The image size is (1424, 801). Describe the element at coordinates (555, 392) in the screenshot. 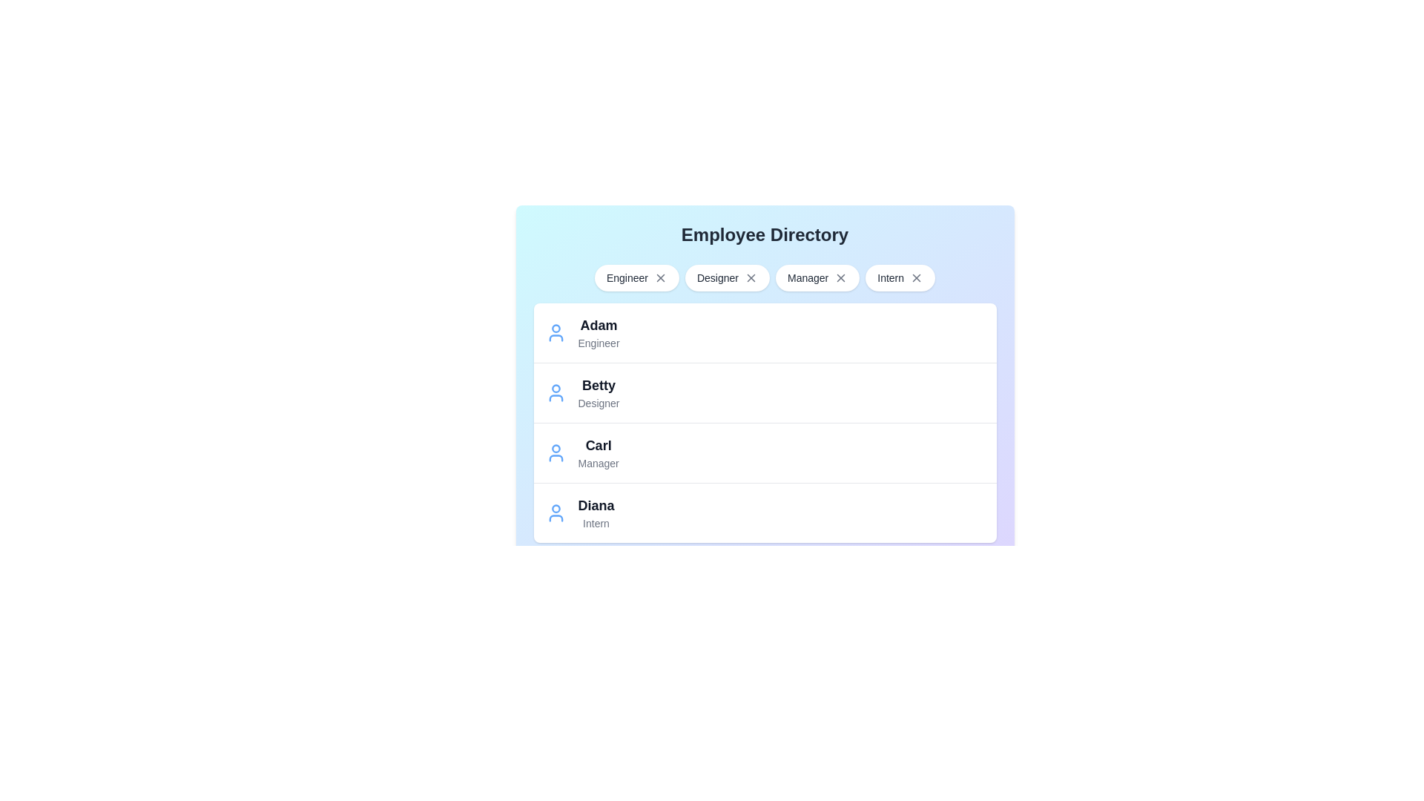

I see `the entry of the employee named Betty to view their details` at that location.